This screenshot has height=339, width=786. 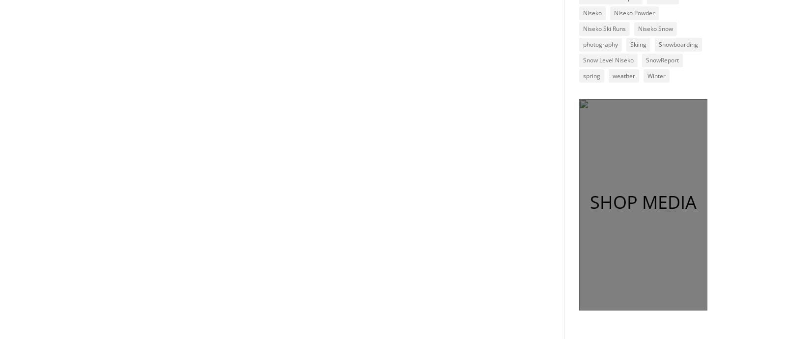 I want to click on 'photography', so click(x=599, y=44).